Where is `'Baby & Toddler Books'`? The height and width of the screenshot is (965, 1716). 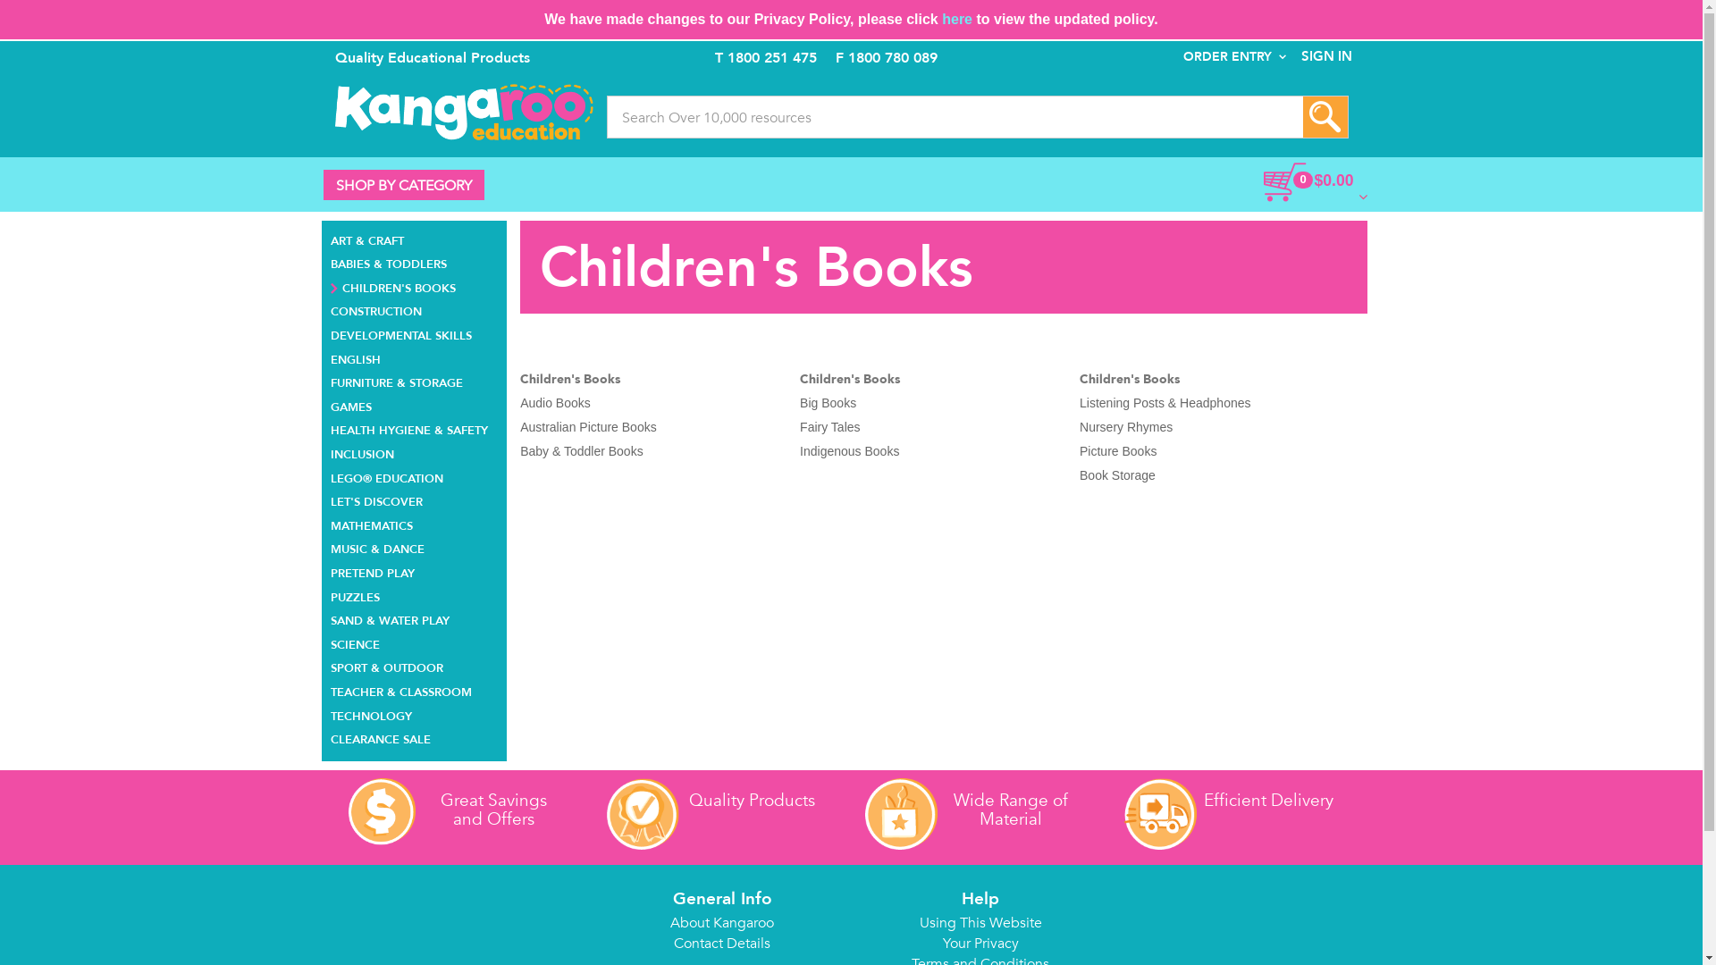
'Baby & Toddler Books' is located at coordinates (582, 450).